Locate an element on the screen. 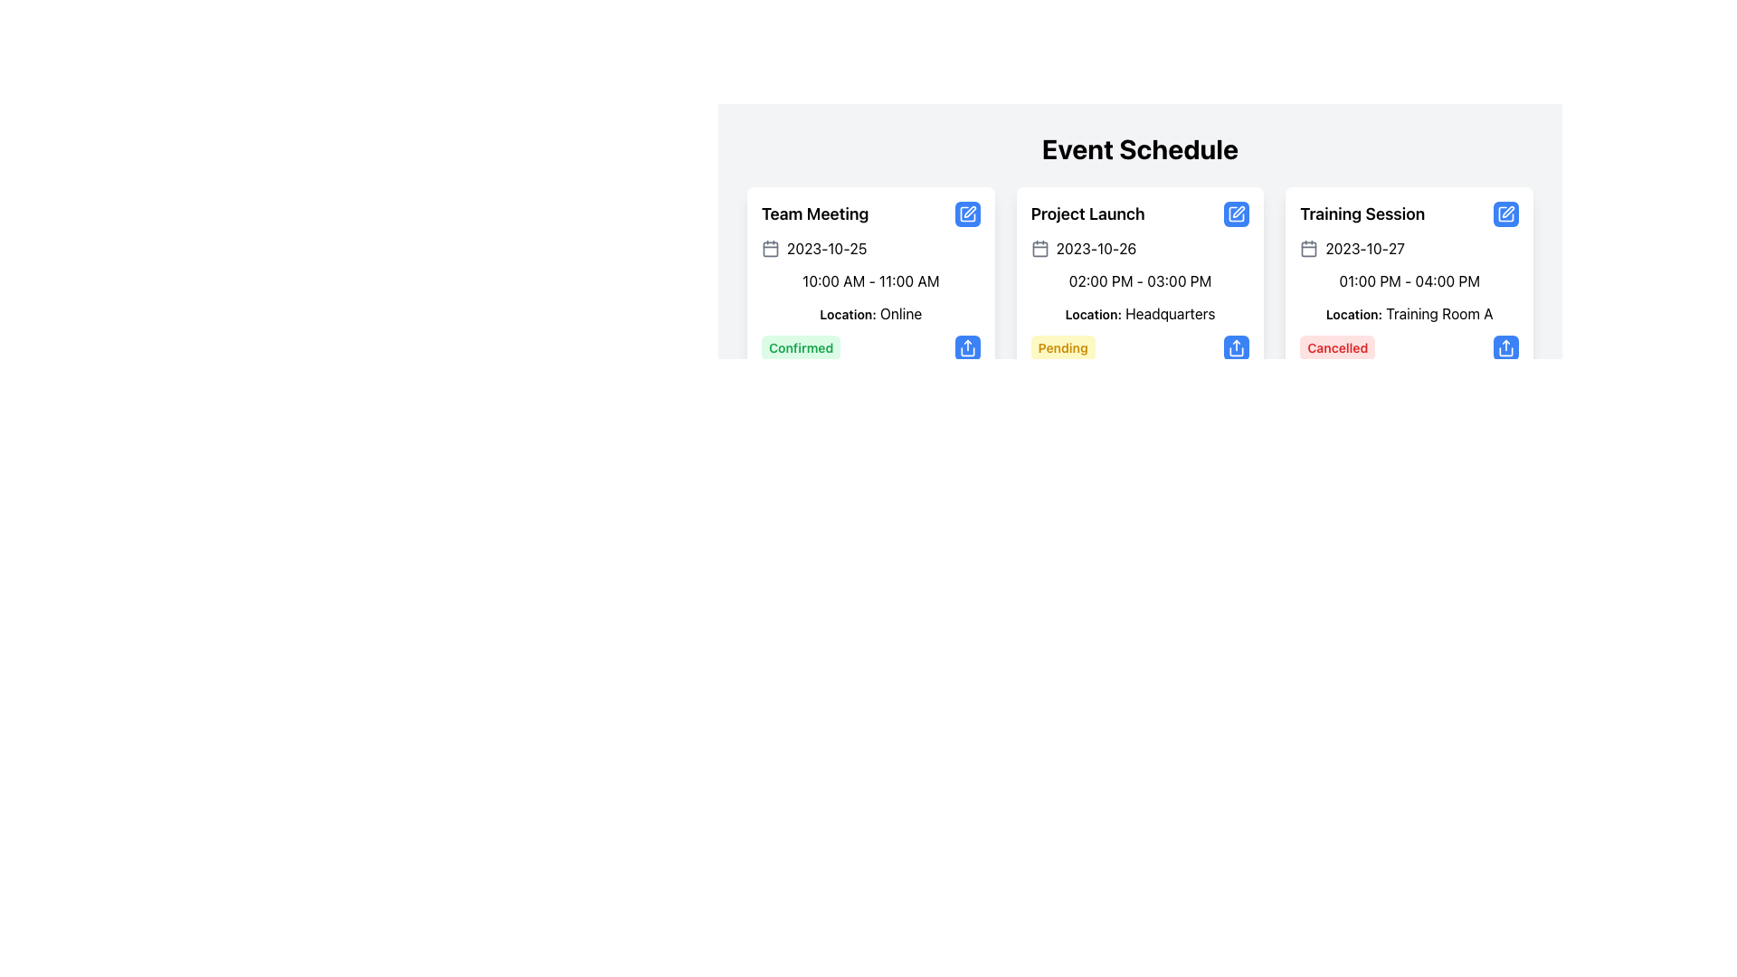  text label element displaying 'Location:' in bold font style, which is located inside the card for the 'Team Meeting' event, positioned below the event's time slot and to the left of the location information ('Online') is located at coordinates (847, 313).